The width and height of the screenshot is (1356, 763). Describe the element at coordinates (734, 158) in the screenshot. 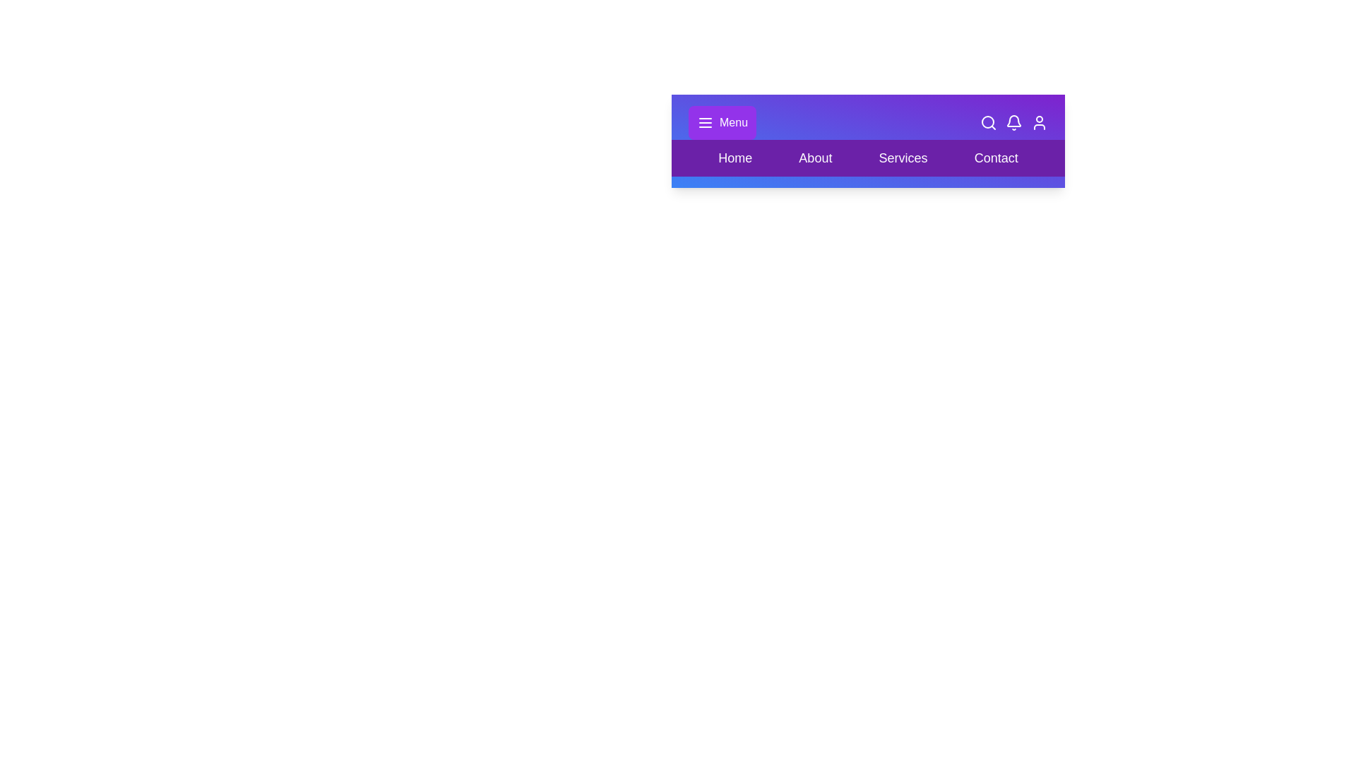

I see `the navigation option Home` at that location.